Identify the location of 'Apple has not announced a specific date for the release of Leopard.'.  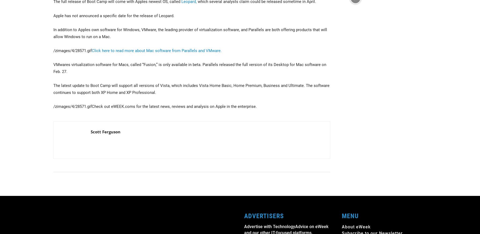
(113, 15).